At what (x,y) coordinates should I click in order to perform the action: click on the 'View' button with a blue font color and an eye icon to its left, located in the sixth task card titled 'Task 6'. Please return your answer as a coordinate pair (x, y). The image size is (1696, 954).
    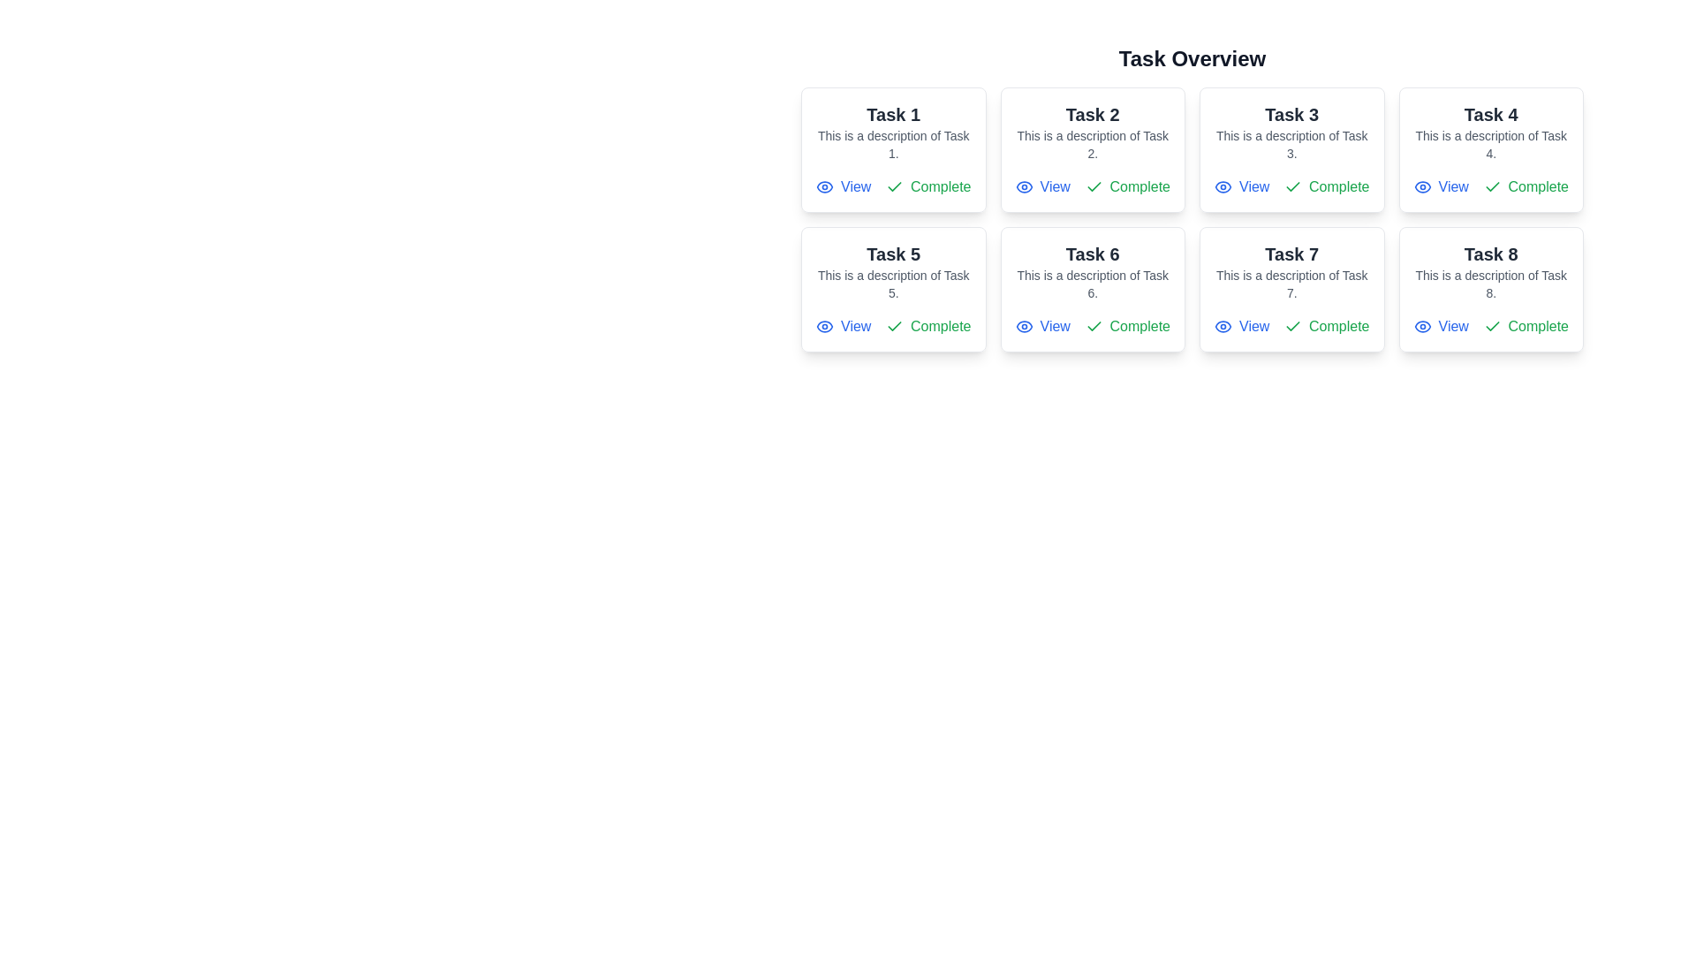
    Looking at the image, I should click on (1042, 327).